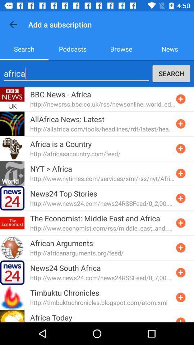 The width and height of the screenshot is (194, 345). What do you see at coordinates (180, 124) in the screenshot?
I see `podcast` at bounding box center [180, 124].